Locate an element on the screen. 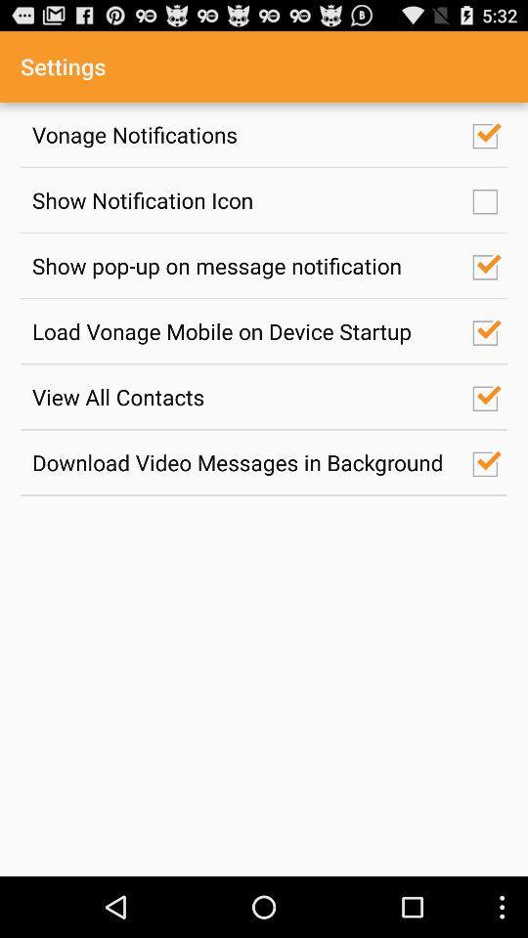 This screenshot has width=528, height=938. vonage notifications is located at coordinates (242, 133).